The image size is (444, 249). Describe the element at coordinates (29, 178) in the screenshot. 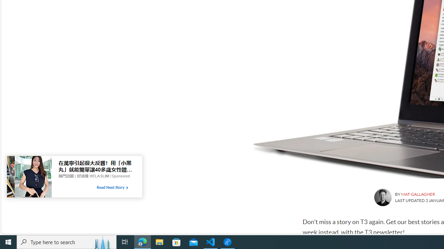

I see `'Image for Taboola Advertising Unit'` at that location.